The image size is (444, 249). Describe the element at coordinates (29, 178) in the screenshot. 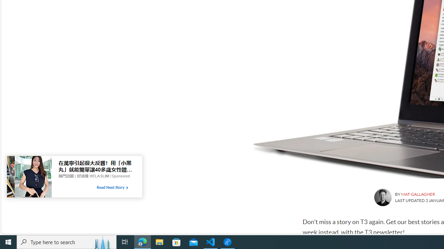

I see `'Image for Taboola Advertising Unit'` at that location.